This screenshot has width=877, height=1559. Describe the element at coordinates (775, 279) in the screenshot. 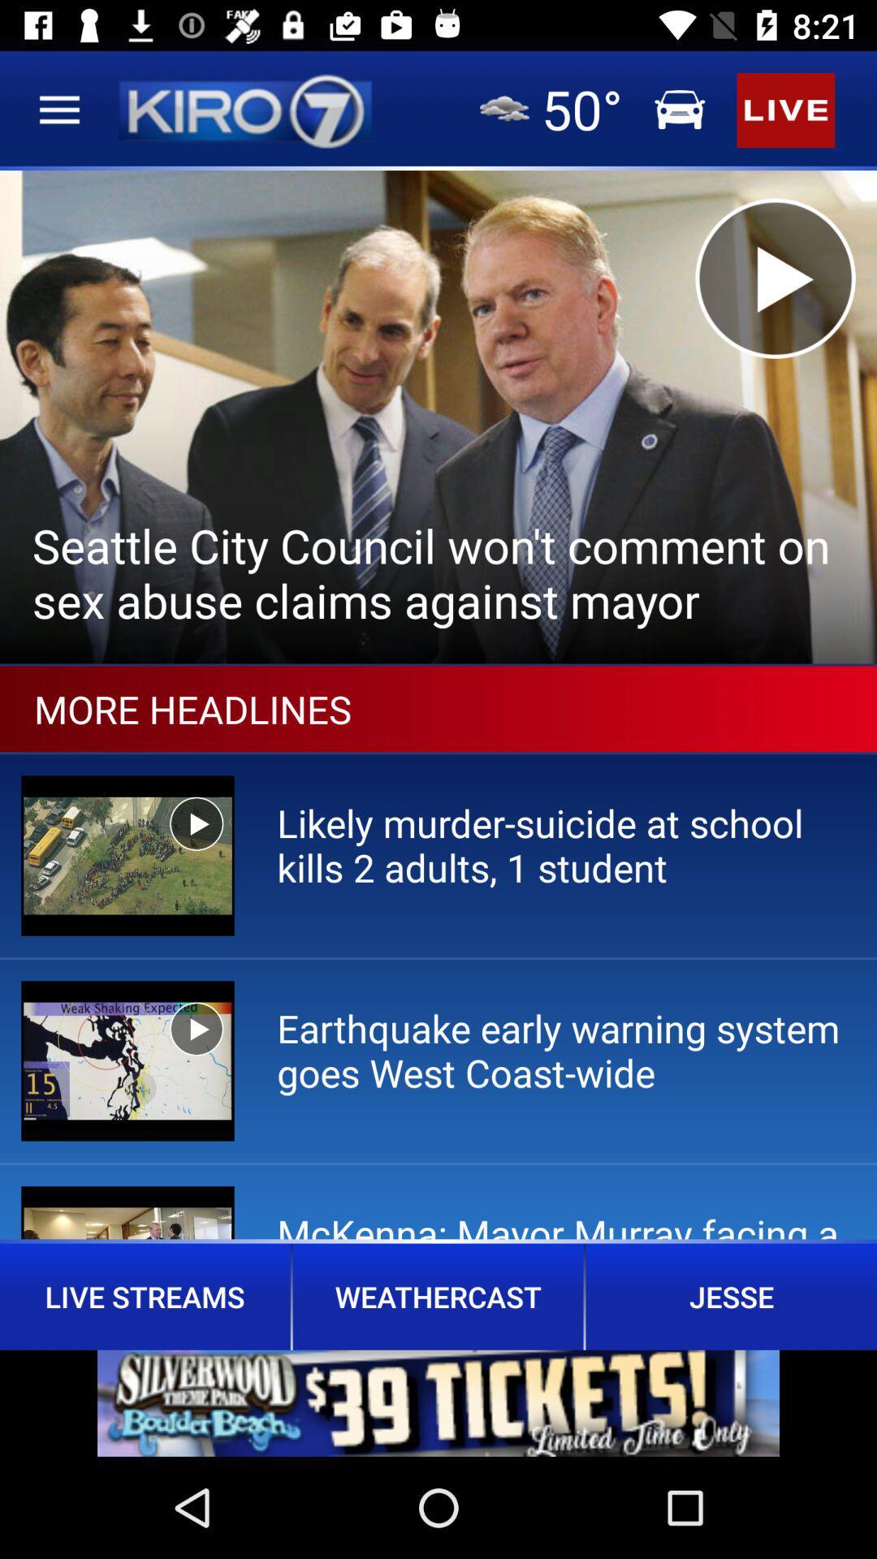

I see `the play icon which is below the live` at that location.